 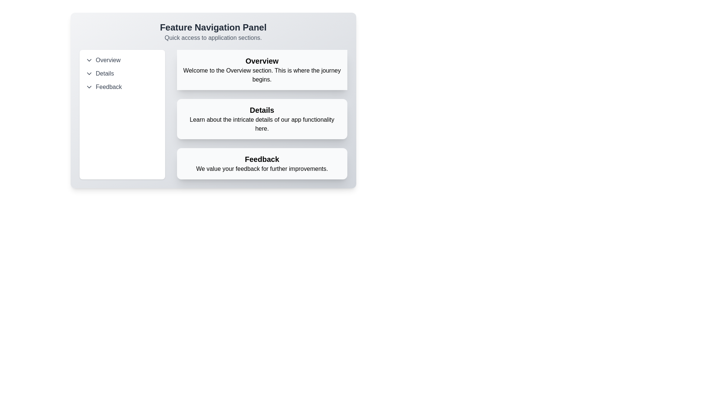 What do you see at coordinates (262, 115) in the screenshot?
I see `text contained in the Informational panel, which is the second section in a column of three sections, centered horizontally between 'Overview' and 'Feedback'` at bounding box center [262, 115].